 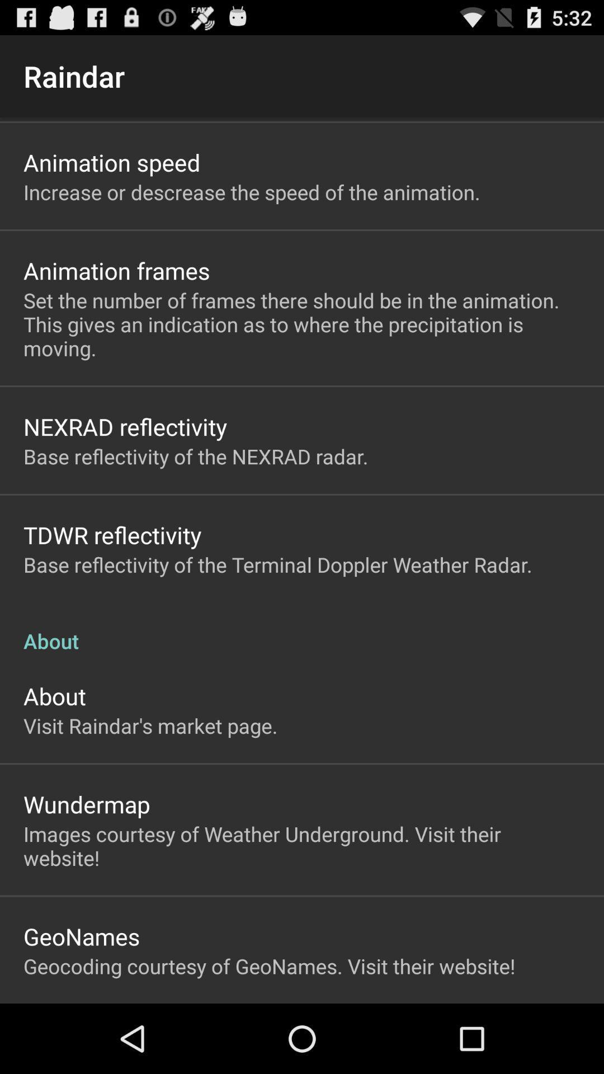 What do you see at coordinates (302, 323) in the screenshot?
I see `app above the nexrad reflectivity` at bounding box center [302, 323].